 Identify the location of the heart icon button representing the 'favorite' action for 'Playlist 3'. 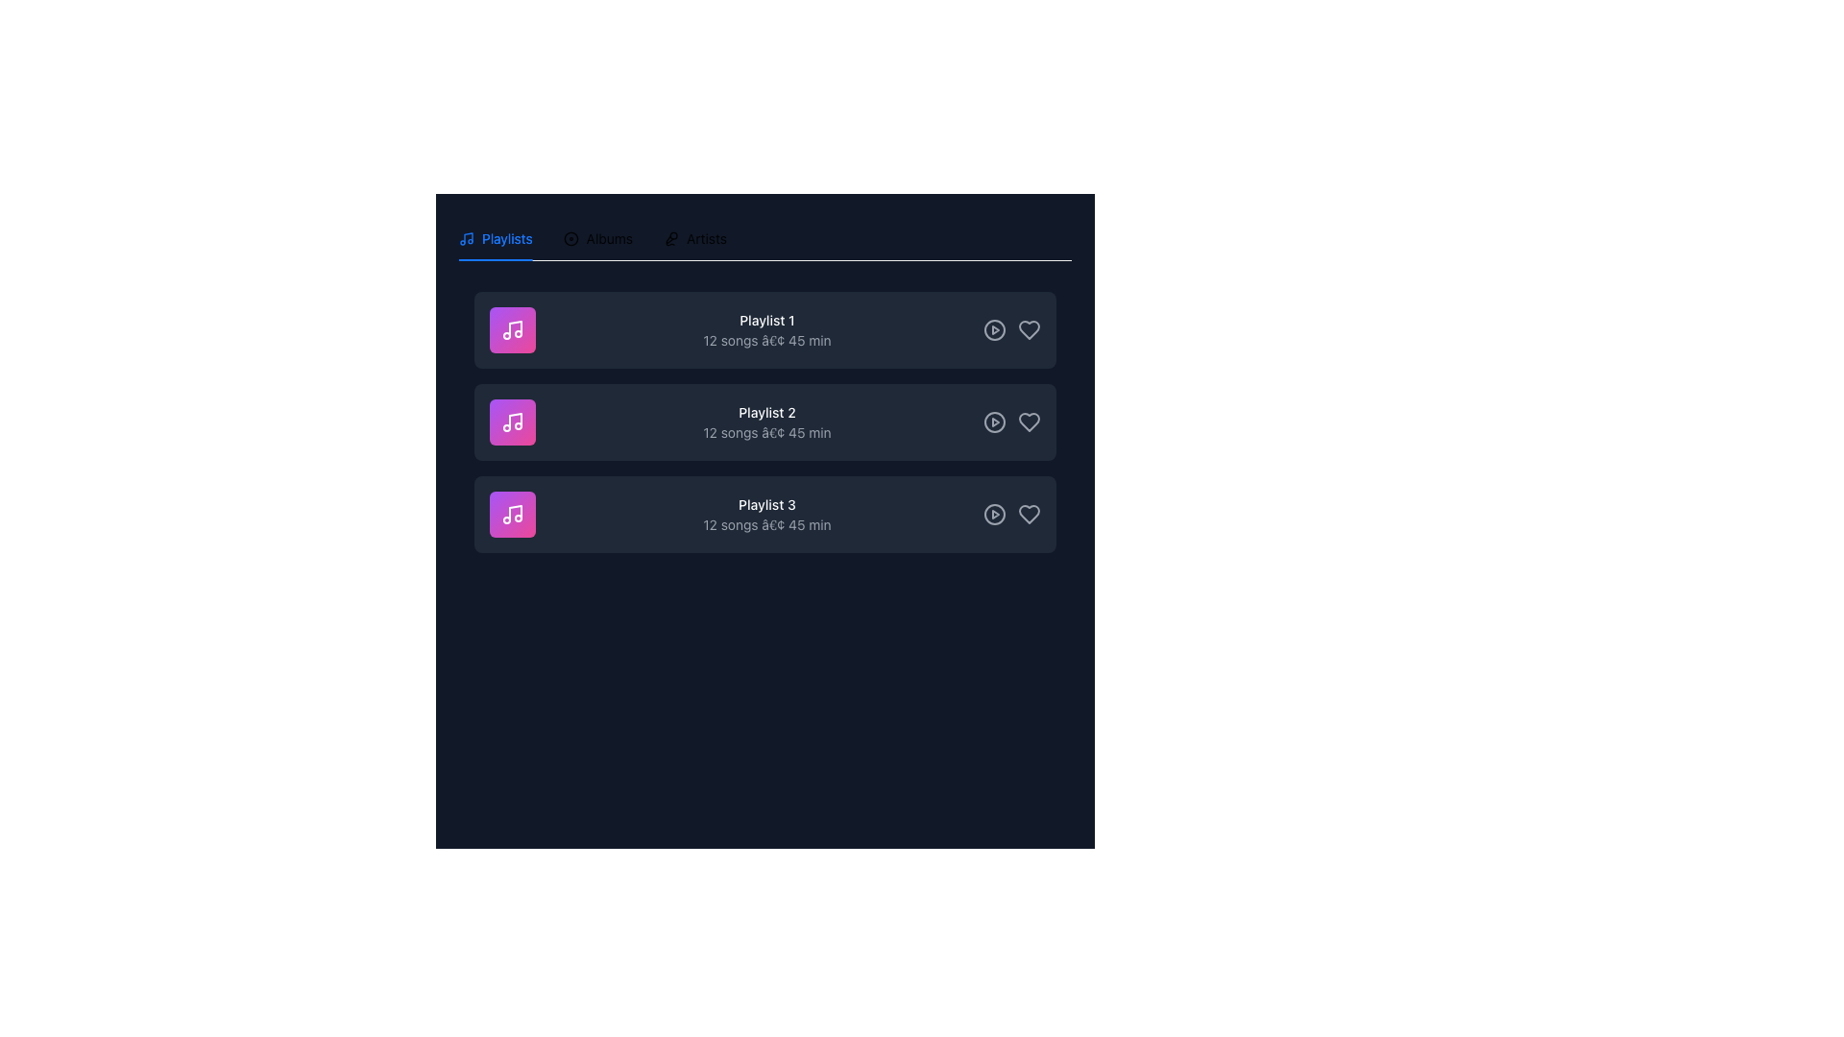
(1028, 514).